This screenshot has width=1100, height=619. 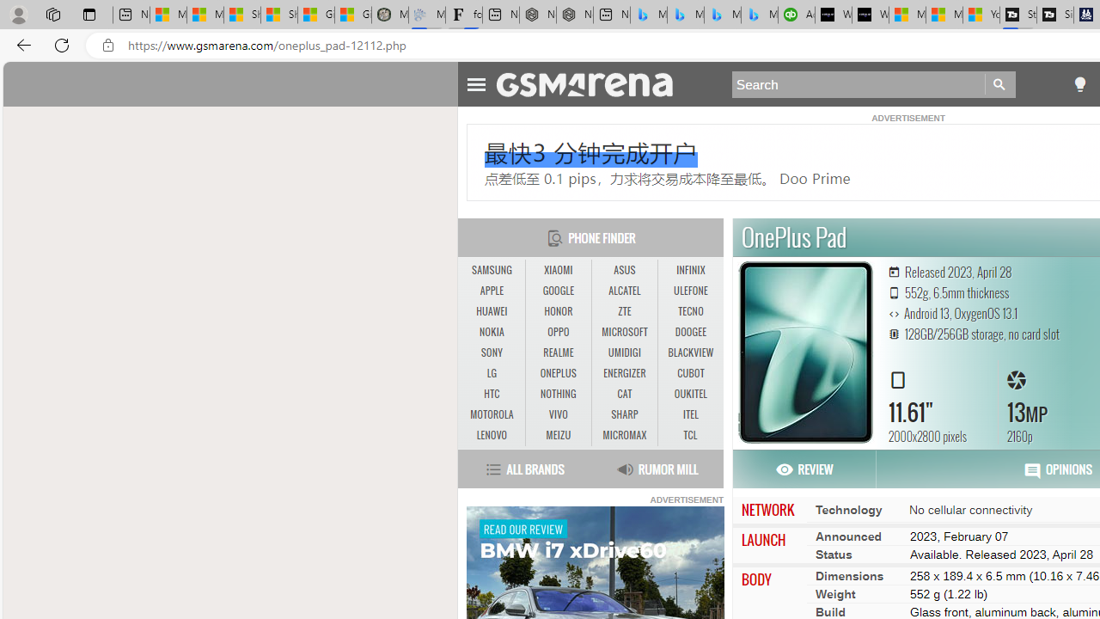 I want to click on 'What', so click(x=871, y=15).